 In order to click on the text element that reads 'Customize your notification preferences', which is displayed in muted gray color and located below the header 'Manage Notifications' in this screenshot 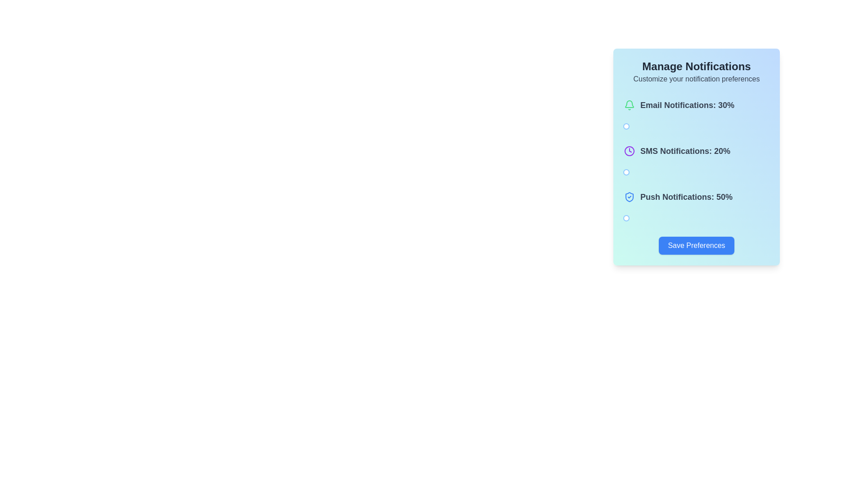, I will do `click(696, 79)`.